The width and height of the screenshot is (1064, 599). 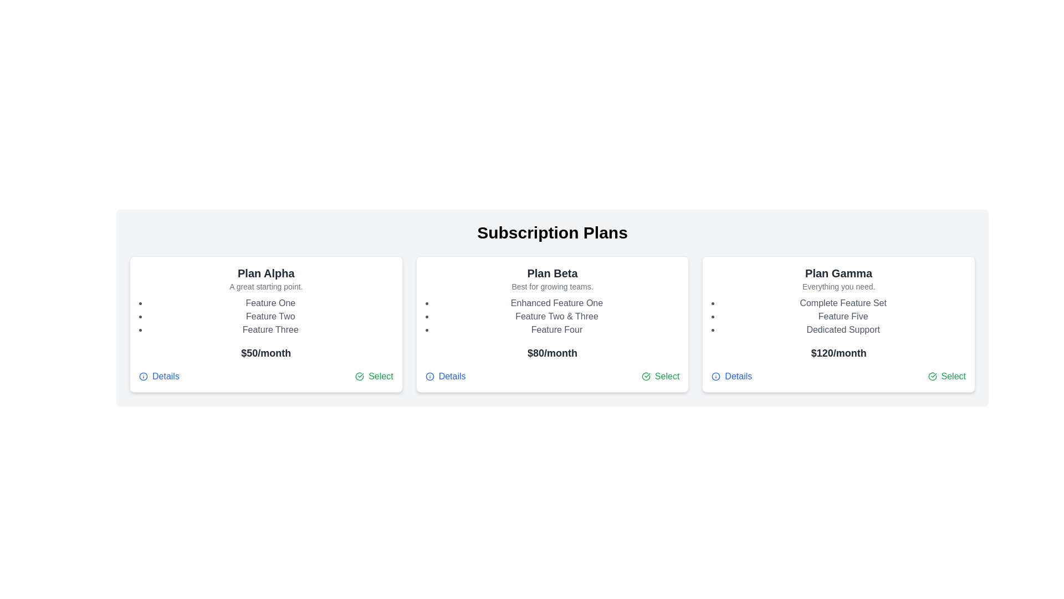 What do you see at coordinates (266, 286) in the screenshot?
I see `the text label that describes the 'Plan Alpha' subscription plan, which is located below the title 'Plan Alpha' and above the bullet list of features in the first card of the subscription plans layout` at bounding box center [266, 286].